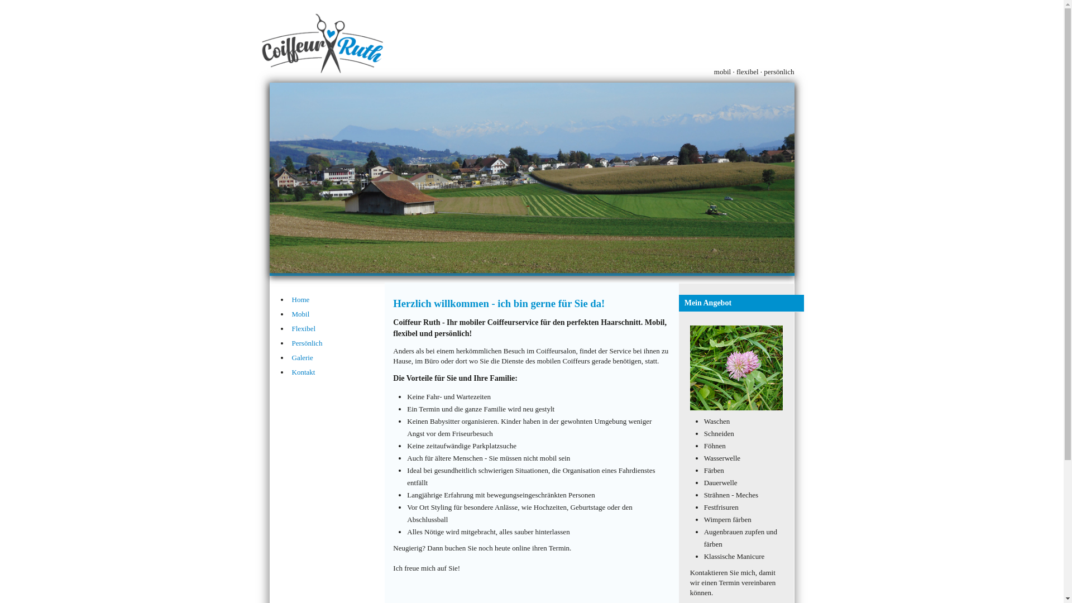 The height and width of the screenshot is (603, 1072). Describe the element at coordinates (337, 314) in the screenshot. I see `'Mobil'` at that location.